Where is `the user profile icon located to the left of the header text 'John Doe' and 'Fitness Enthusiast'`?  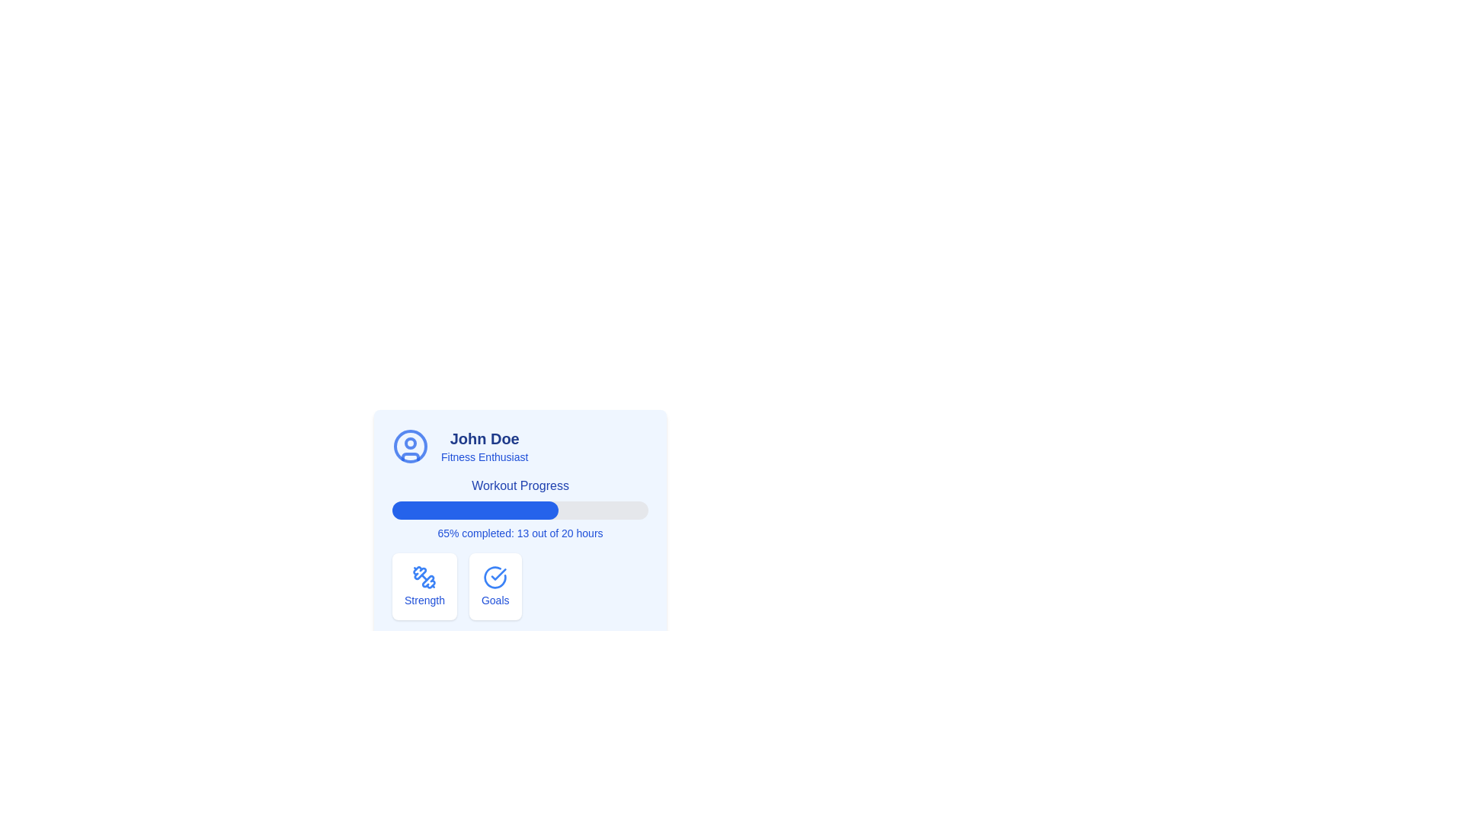
the user profile icon located to the left of the header text 'John Doe' and 'Fitness Enthusiast' is located at coordinates (410, 446).